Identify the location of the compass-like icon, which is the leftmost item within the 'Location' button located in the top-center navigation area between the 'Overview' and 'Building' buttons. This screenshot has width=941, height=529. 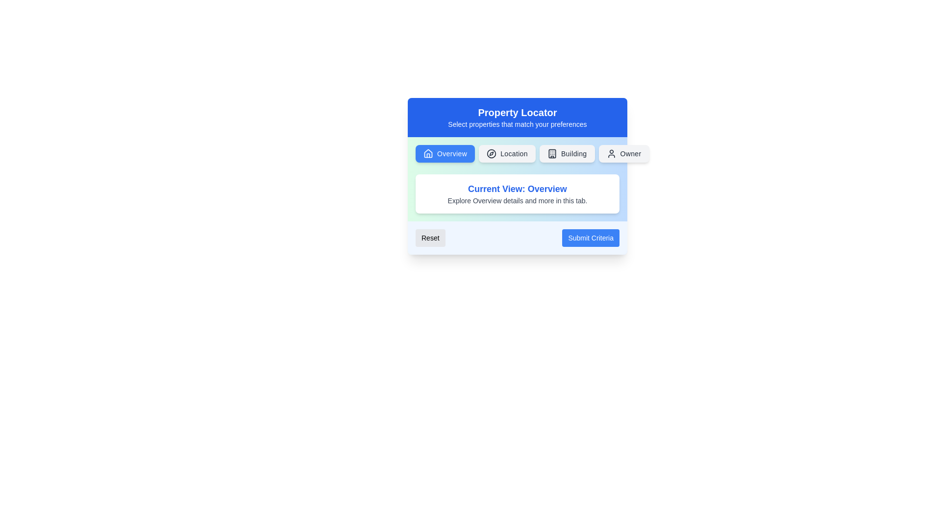
(492, 153).